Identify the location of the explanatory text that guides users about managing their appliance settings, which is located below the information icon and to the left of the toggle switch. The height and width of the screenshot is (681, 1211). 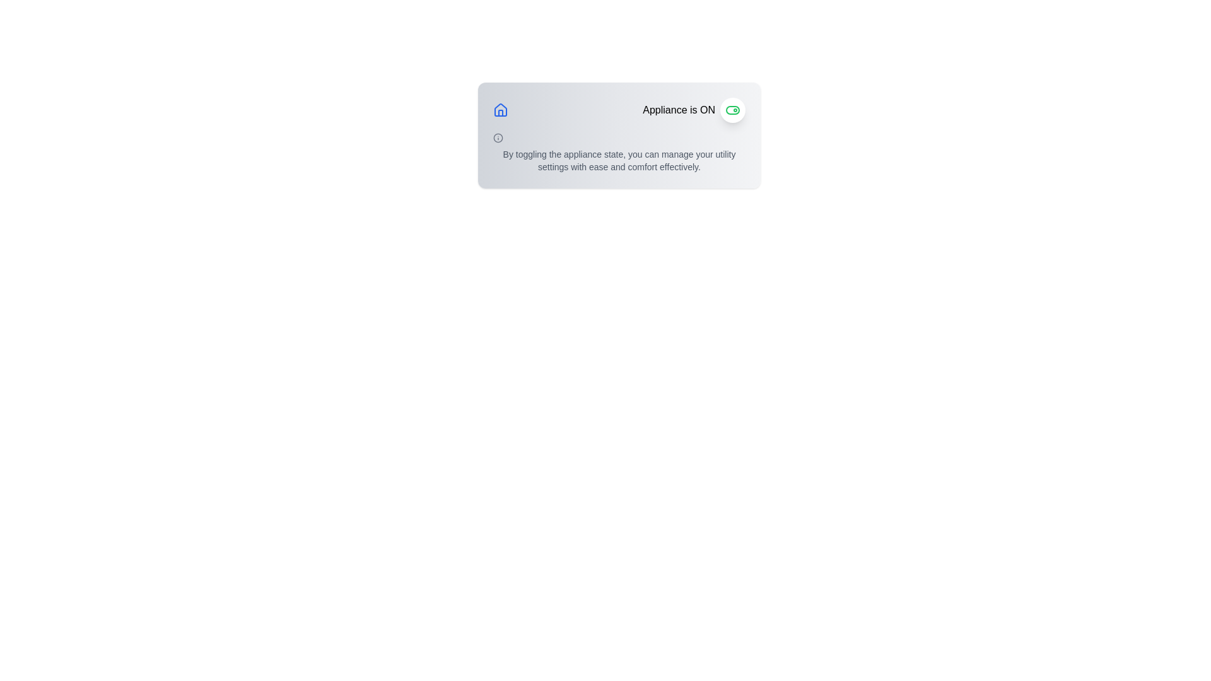
(619, 160).